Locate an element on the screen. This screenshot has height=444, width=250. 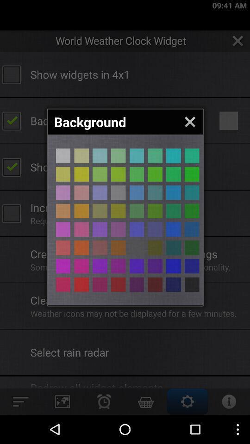
choose the color is located at coordinates (191, 247).